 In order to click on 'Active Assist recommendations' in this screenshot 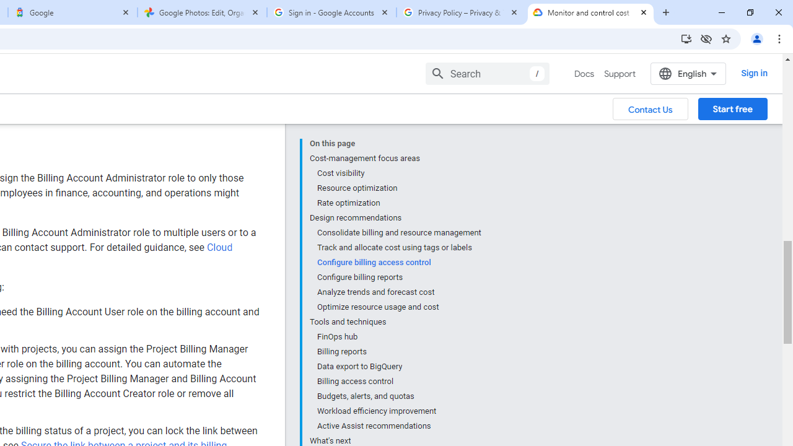, I will do `click(398, 425)`.